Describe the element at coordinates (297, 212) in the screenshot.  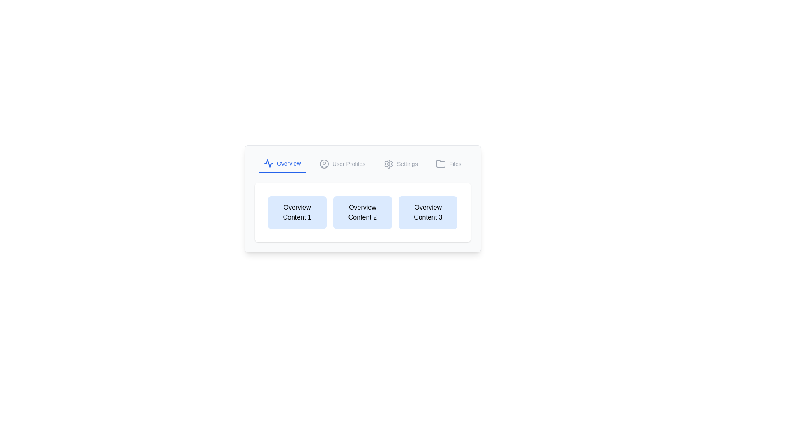
I see `the Informational tile labeled 'Overview Content 1' with a light blue background and rounded corners located in the top-left corner of the three-column grid` at that location.